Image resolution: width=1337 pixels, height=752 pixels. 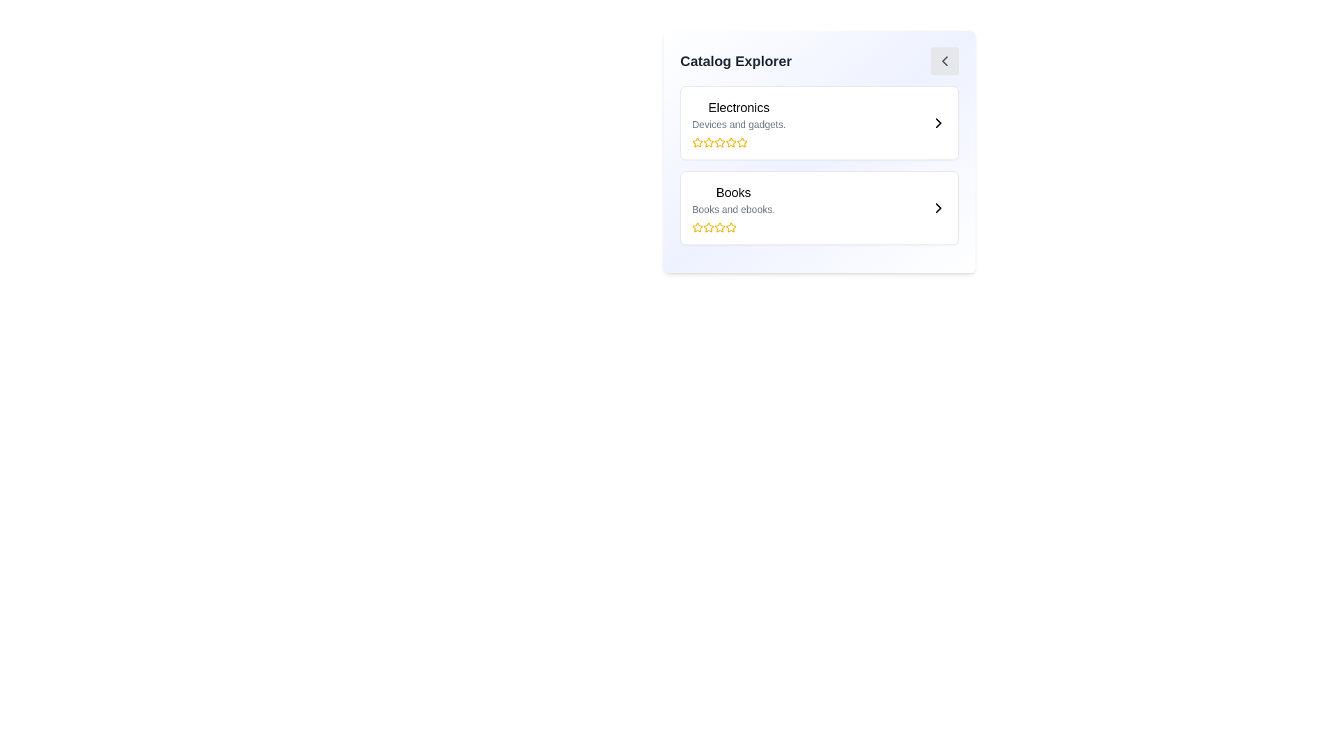 I want to click on the rightward-facing chevron arrow icon located near the right edge of the 'Electronics' row, which indicates navigation or proceeding further, so click(x=939, y=123).